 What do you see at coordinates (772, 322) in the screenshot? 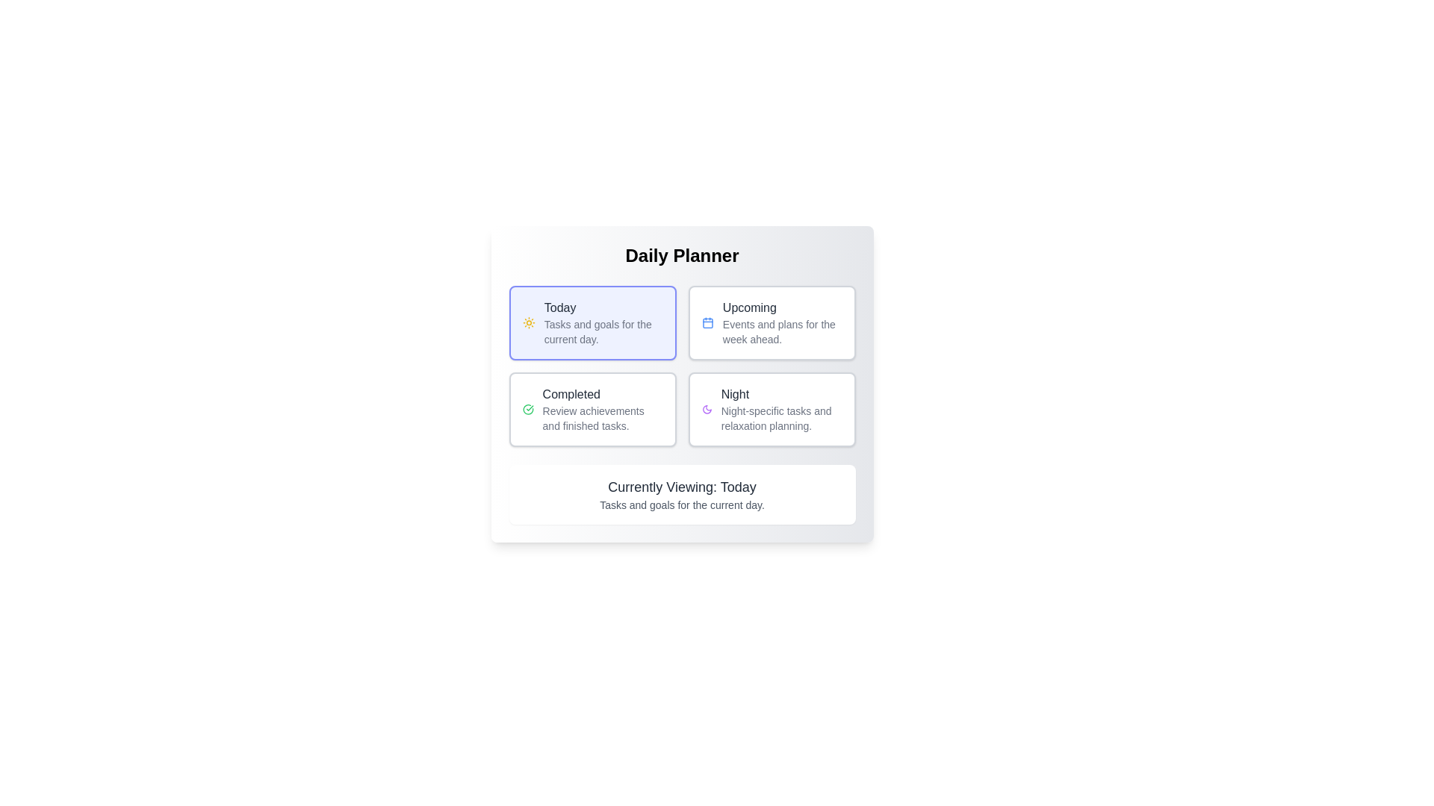
I see `the informational card that highlights upcoming events and plans for the week ahead, located as the second item in the grid layout below the 'Daily Planner' header` at bounding box center [772, 322].